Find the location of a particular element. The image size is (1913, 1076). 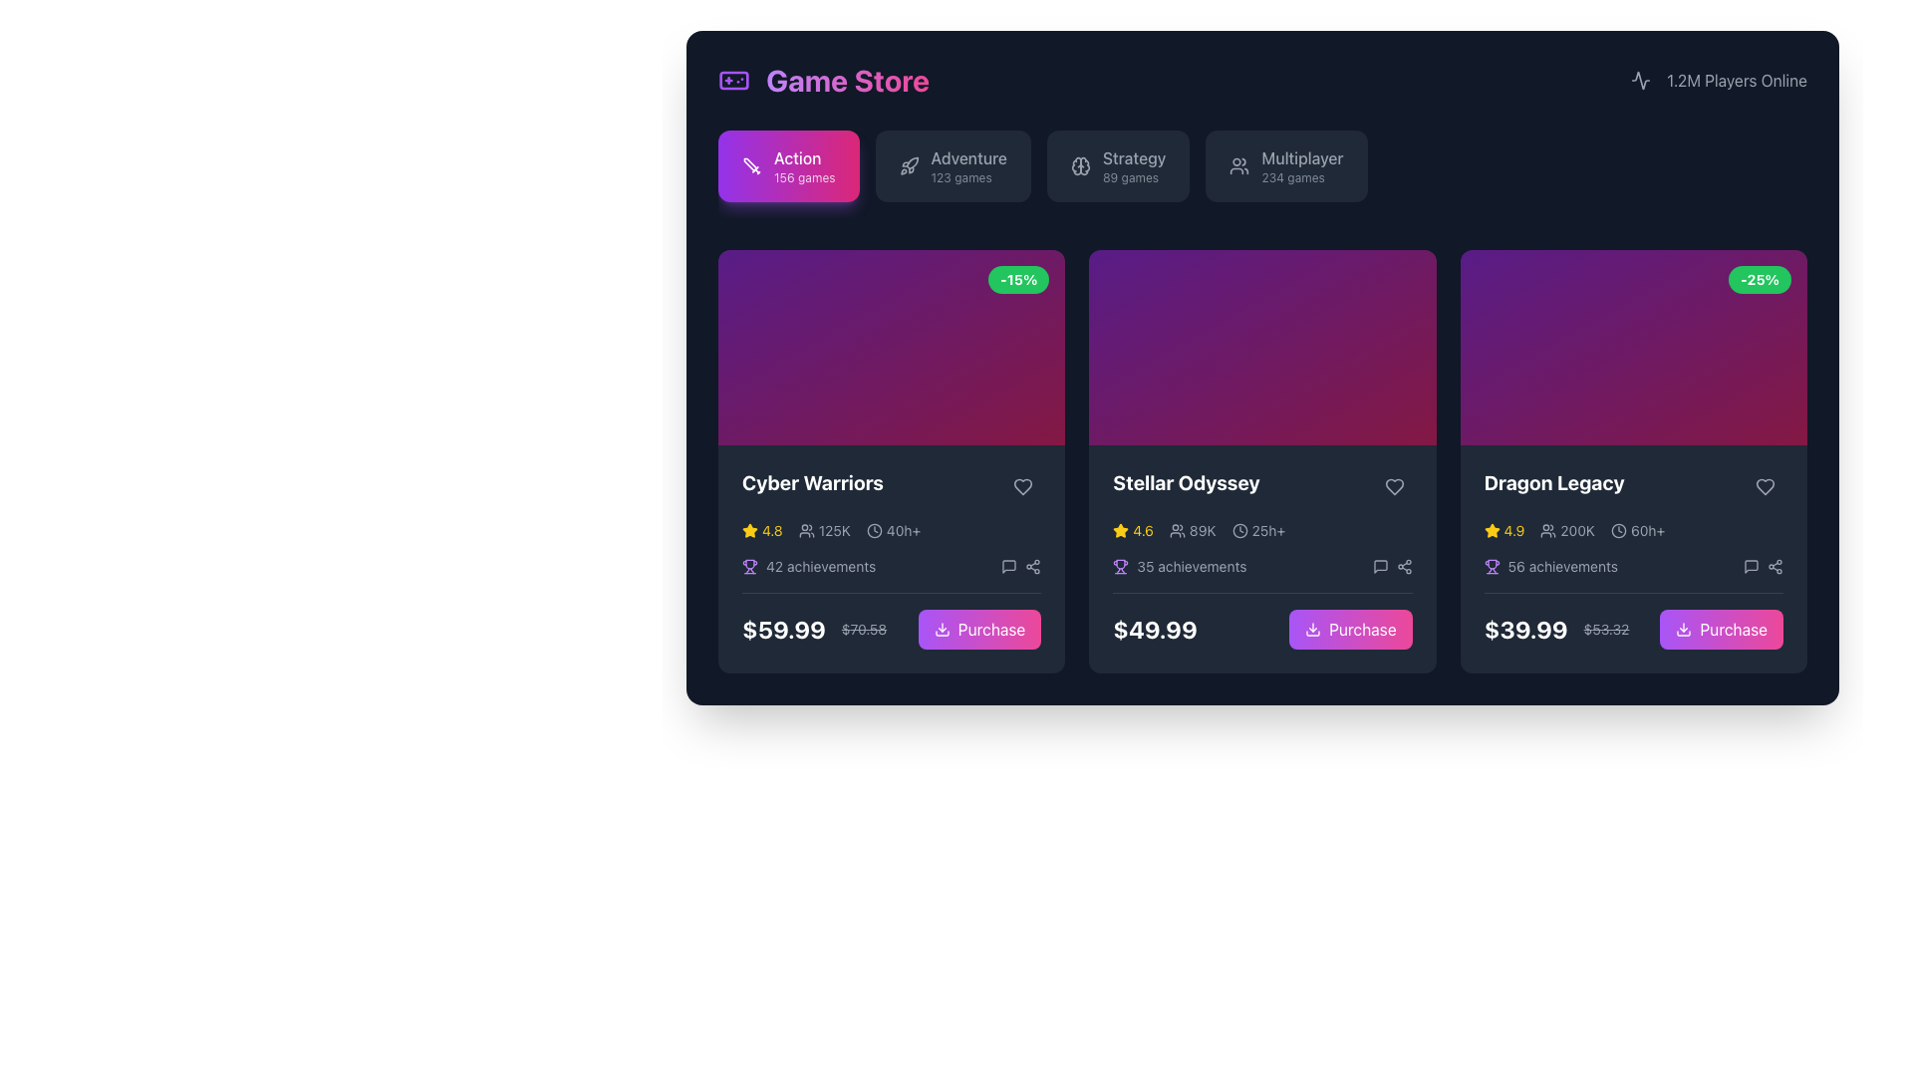

the text field displaying '125K', which is located beside a user group icon in the bottom-left section of the 'Cyber Warriors' card is located at coordinates (834, 529).